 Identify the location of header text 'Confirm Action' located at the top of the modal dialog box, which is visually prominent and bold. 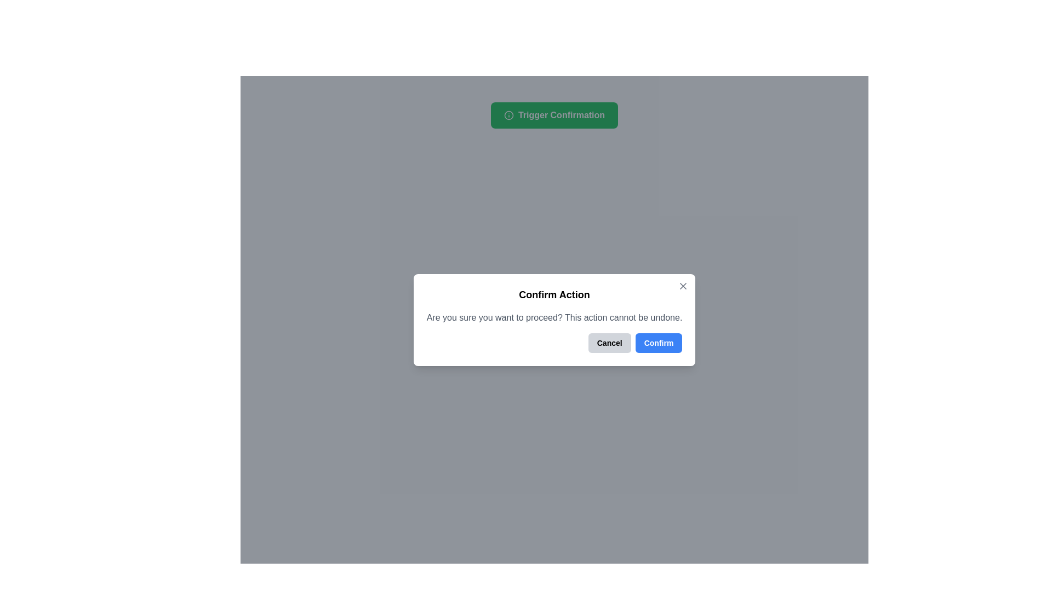
(554, 293).